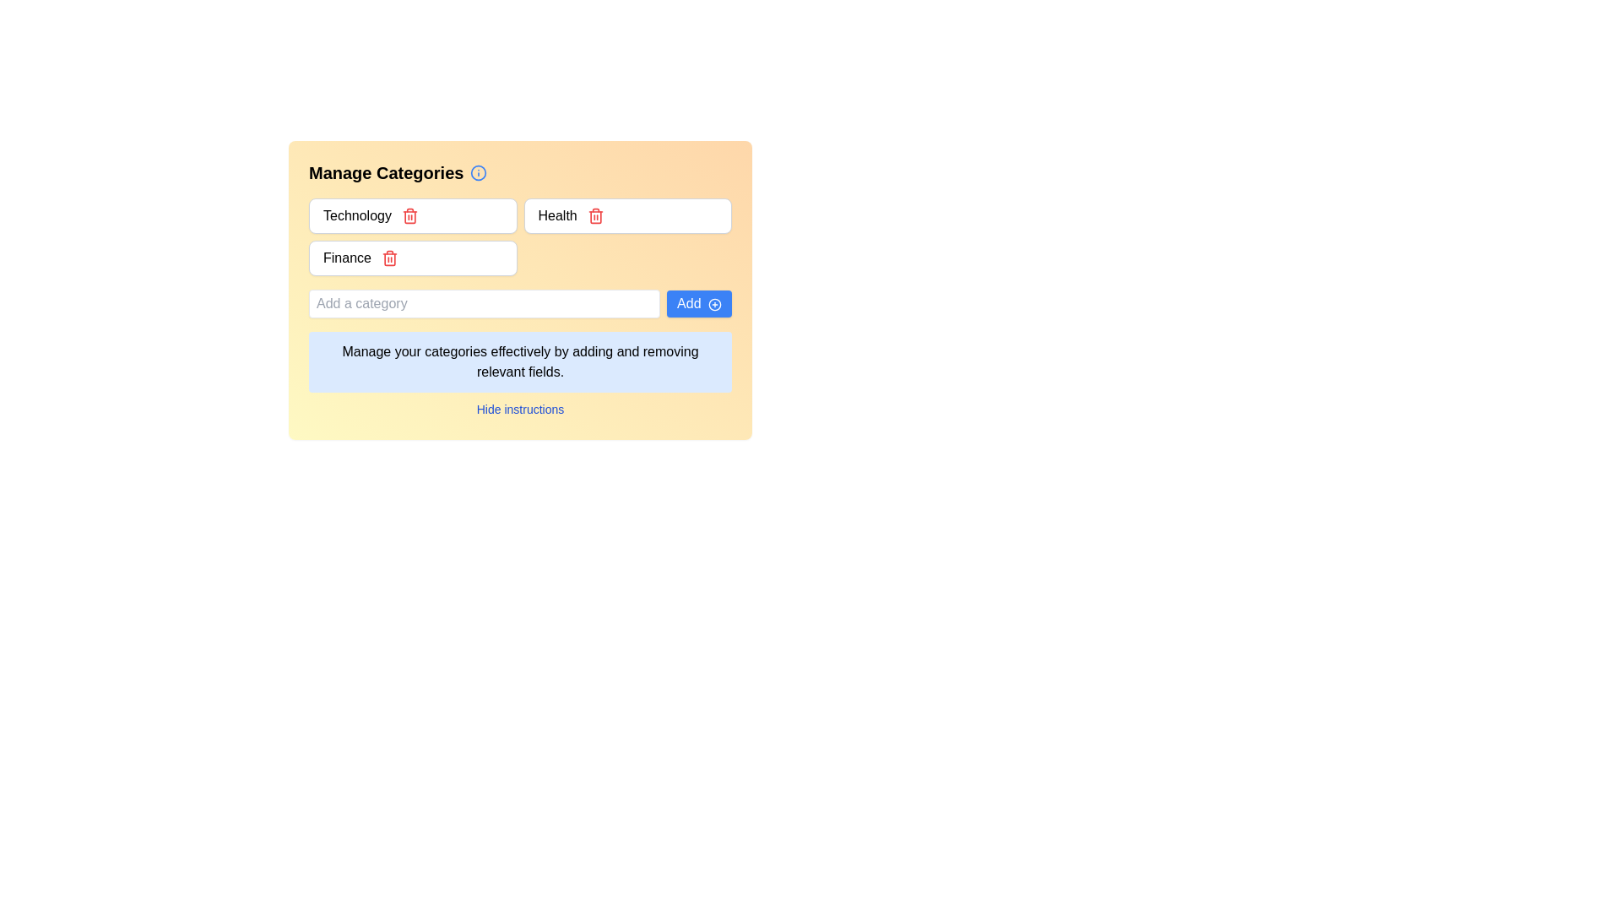 Image resolution: width=1621 pixels, height=912 pixels. What do you see at coordinates (409, 214) in the screenshot?
I see `the delete button (trash icon) located to the right of the 'Technology' text` at bounding box center [409, 214].